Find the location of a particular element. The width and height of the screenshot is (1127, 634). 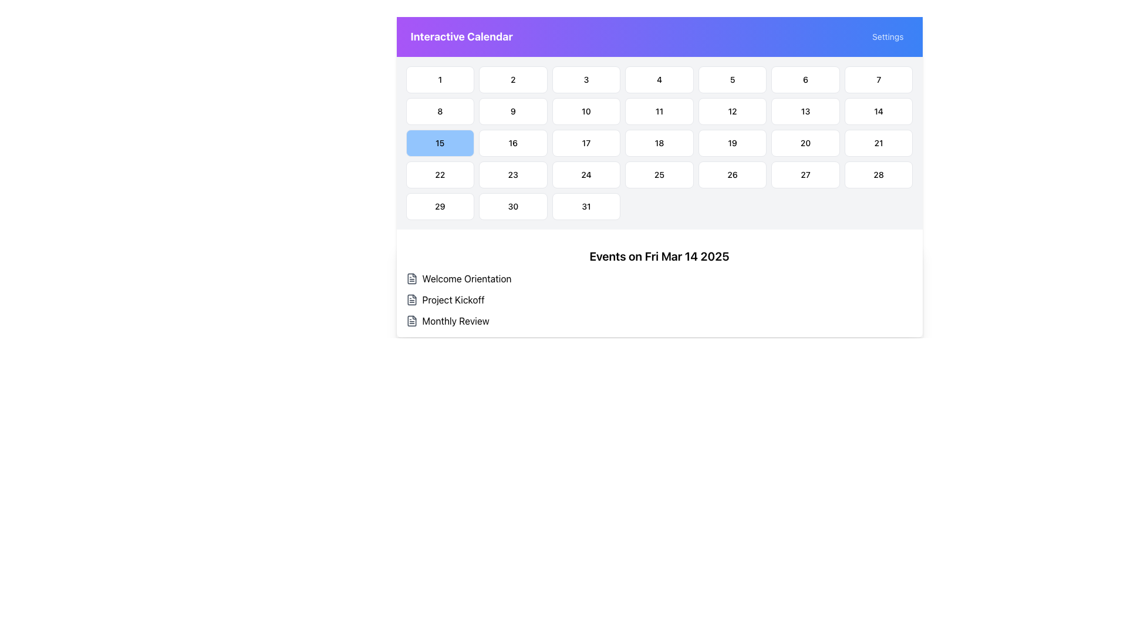

the text value of the Text Label representing the date '12' in the fifth row and twelfth column of the calendar interface is located at coordinates (732, 111).